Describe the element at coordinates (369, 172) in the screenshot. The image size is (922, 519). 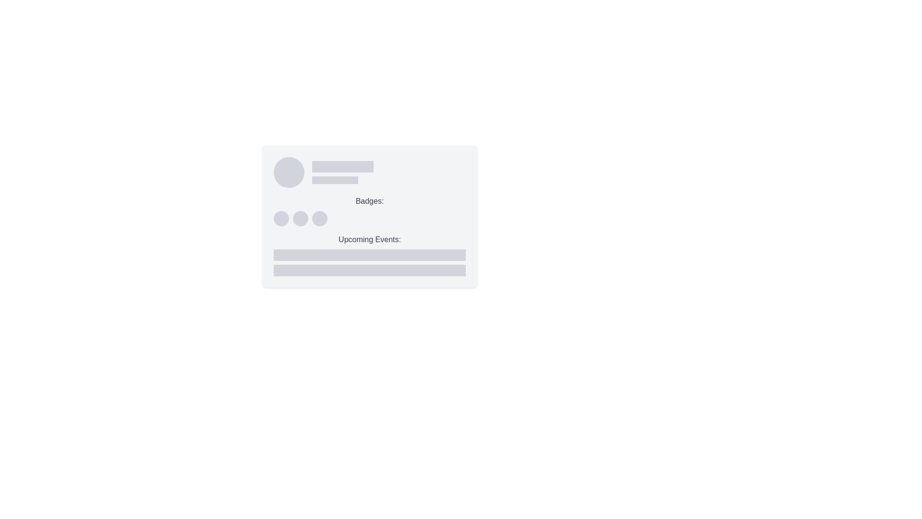
I see `the composite layout consisting of a circular gray image and two rectangular gray bars, located in the 'Badges: Upcoming Events:' section near the top-left corner of the panel` at that location.